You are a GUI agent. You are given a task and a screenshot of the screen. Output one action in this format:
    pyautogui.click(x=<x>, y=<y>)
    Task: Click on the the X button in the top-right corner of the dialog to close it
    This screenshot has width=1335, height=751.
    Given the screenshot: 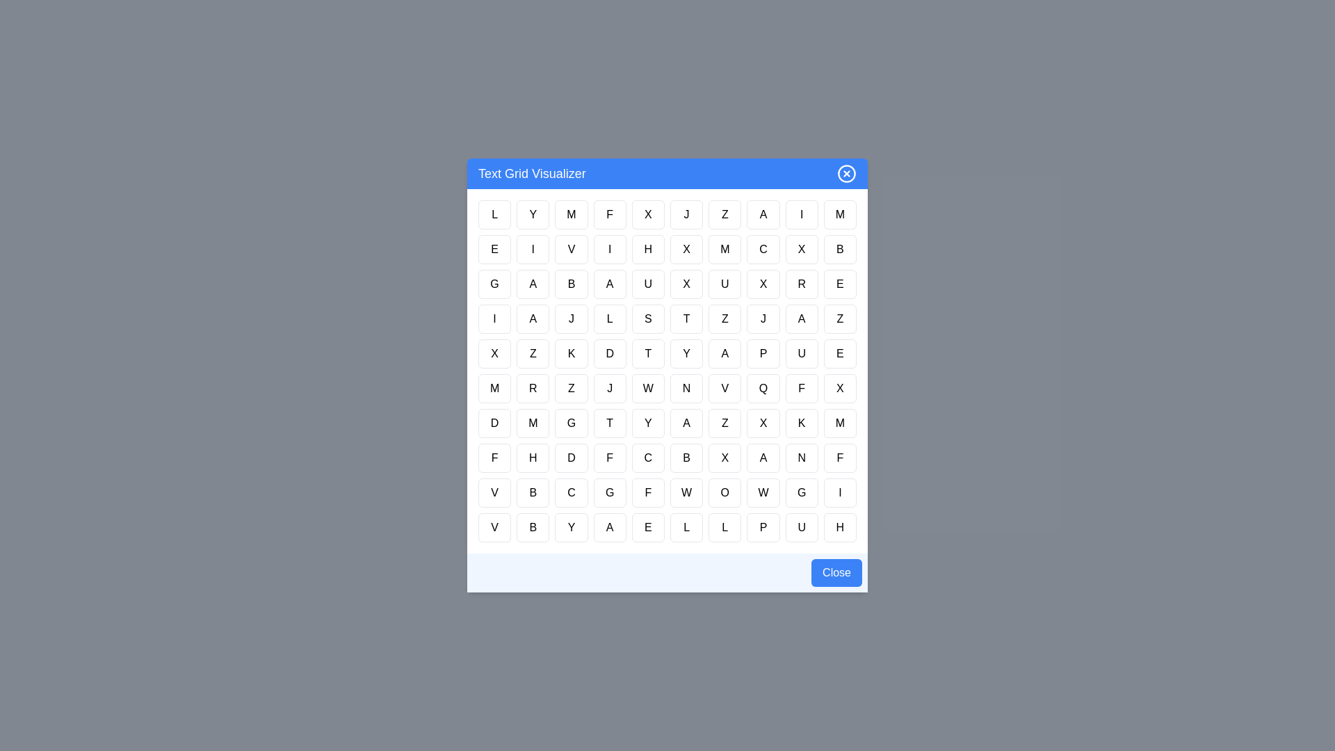 What is the action you would take?
    pyautogui.click(x=846, y=173)
    